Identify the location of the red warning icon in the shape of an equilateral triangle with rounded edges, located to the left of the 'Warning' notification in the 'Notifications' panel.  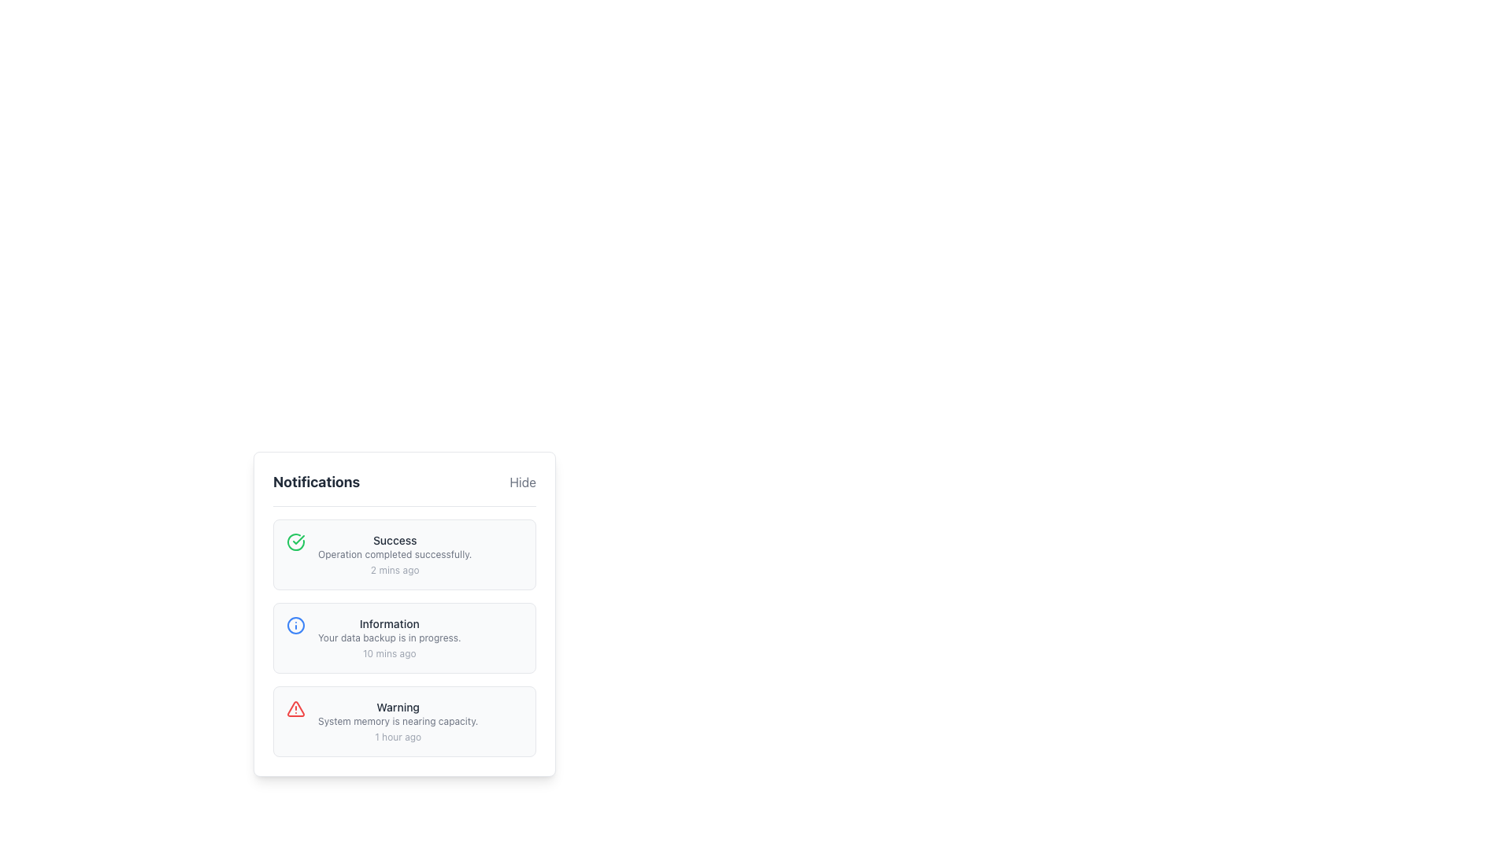
(295, 709).